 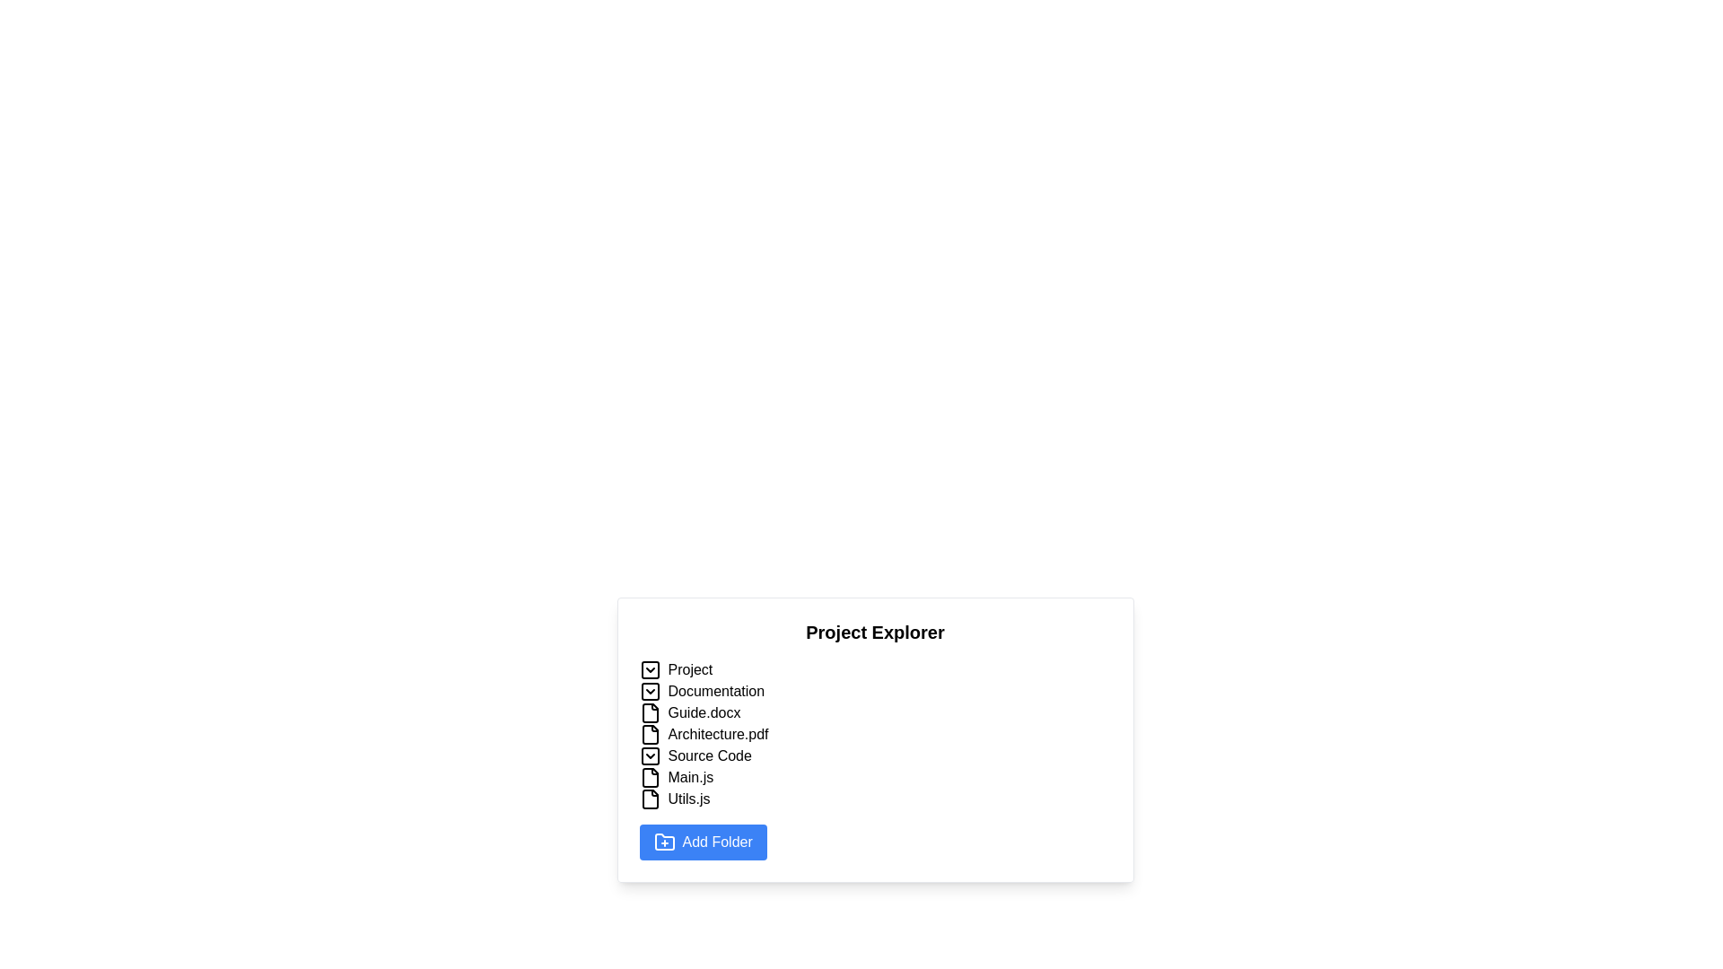 I want to click on the 'Project Explorer' text label, so click(x=875, y=632).